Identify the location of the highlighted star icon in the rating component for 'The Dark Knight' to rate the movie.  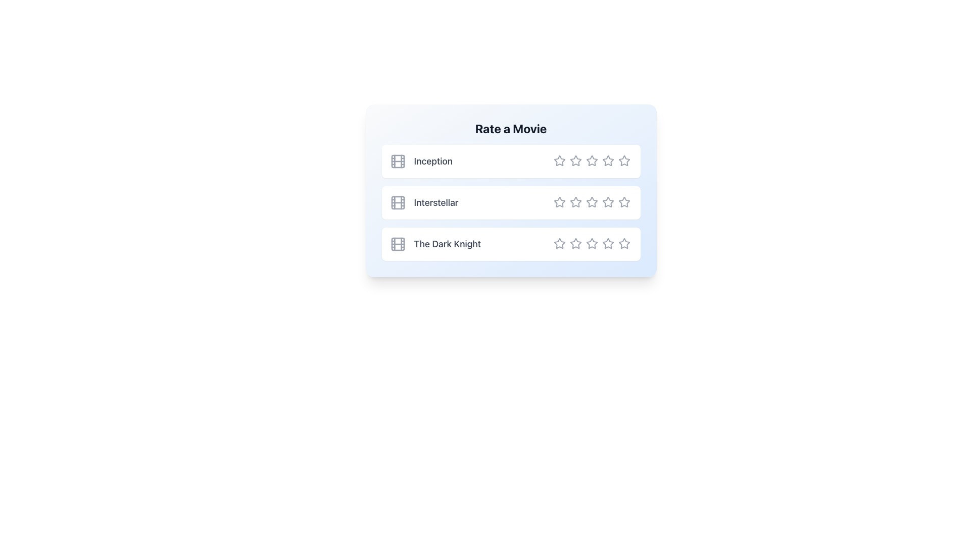
(592, 244).